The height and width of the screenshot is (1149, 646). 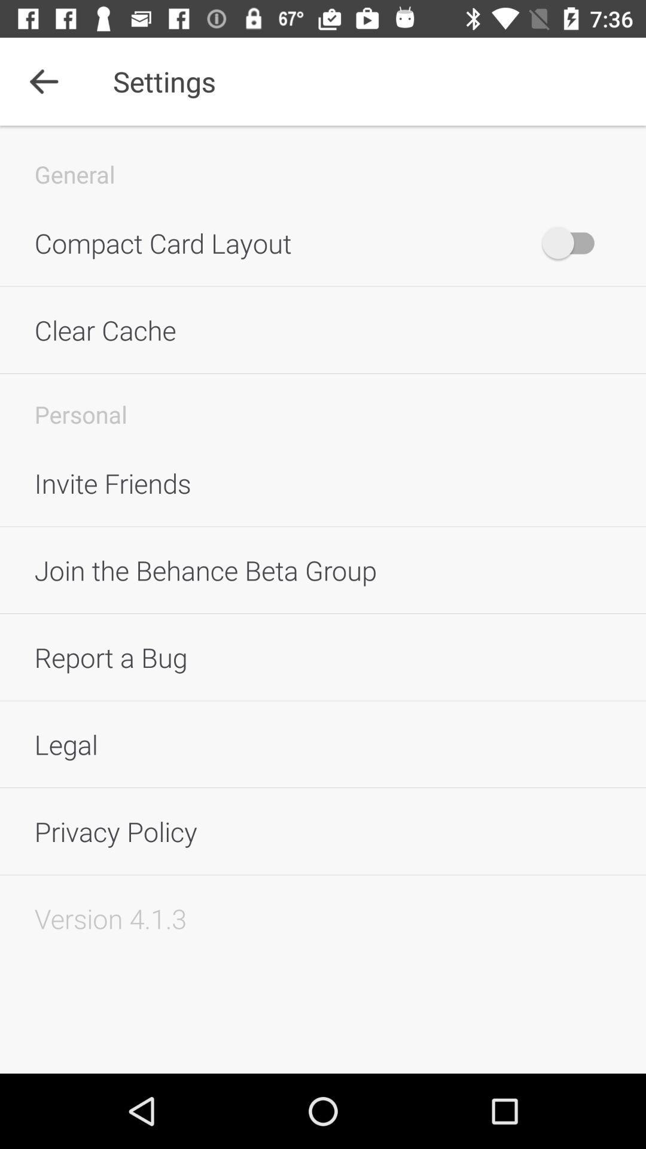 What do you see at coordinates (43, 81) in the screenshot?
I see `the icon above general item` at bounding box center [43, 81].